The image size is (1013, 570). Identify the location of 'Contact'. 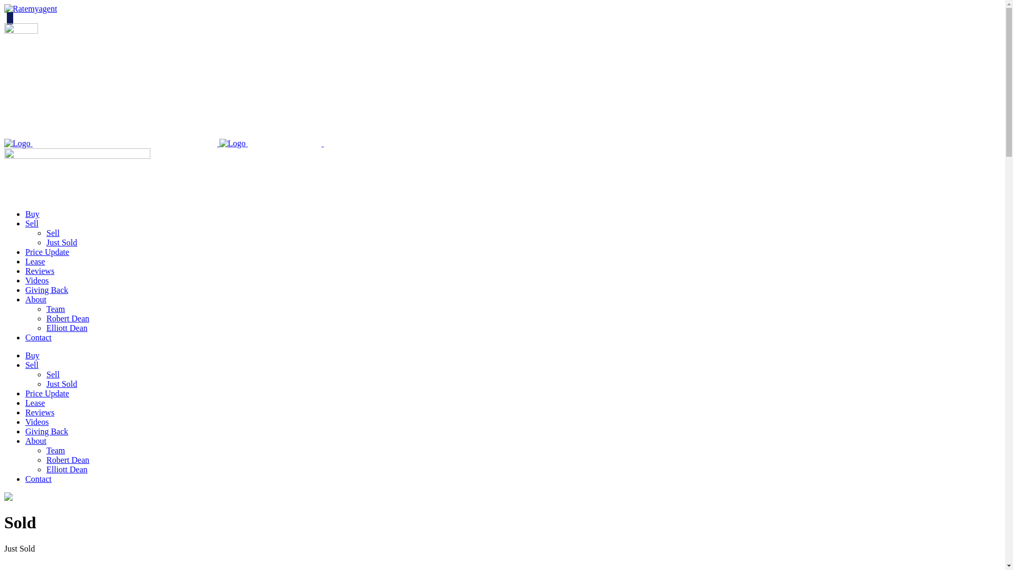
(38, 337).